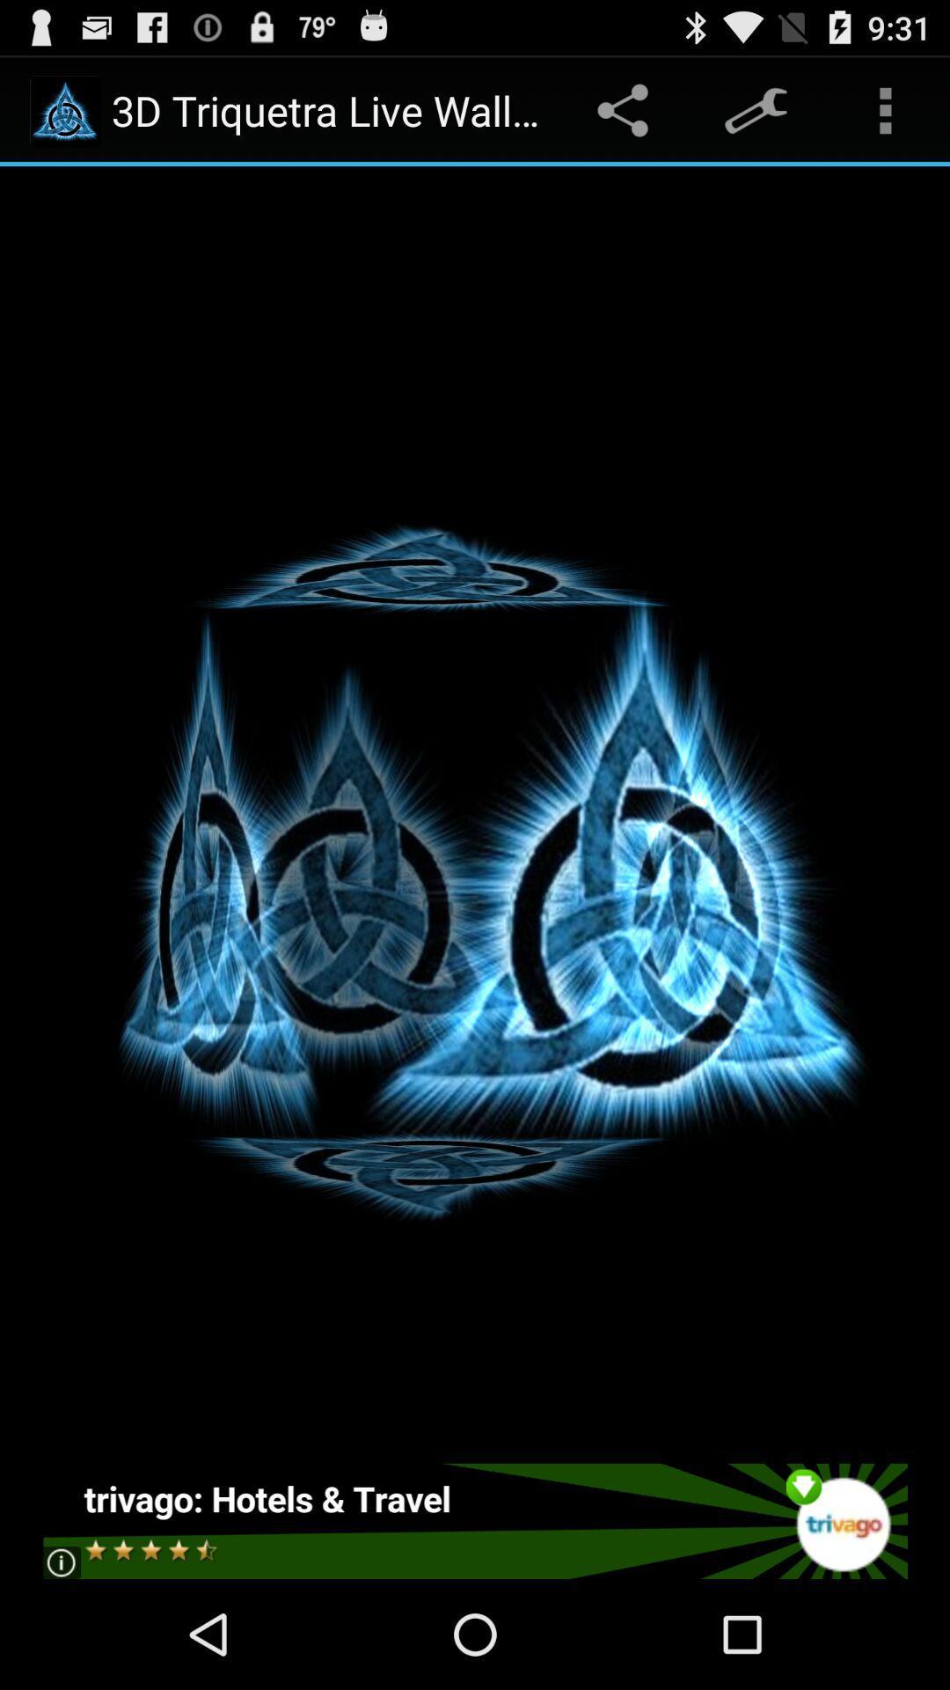 The image size is (950, 1690). What do you see at coordinates (625, 109) in the screenshot?
I see `icon next to the 3d triquetra live icon` at bounding box center [625, 109].